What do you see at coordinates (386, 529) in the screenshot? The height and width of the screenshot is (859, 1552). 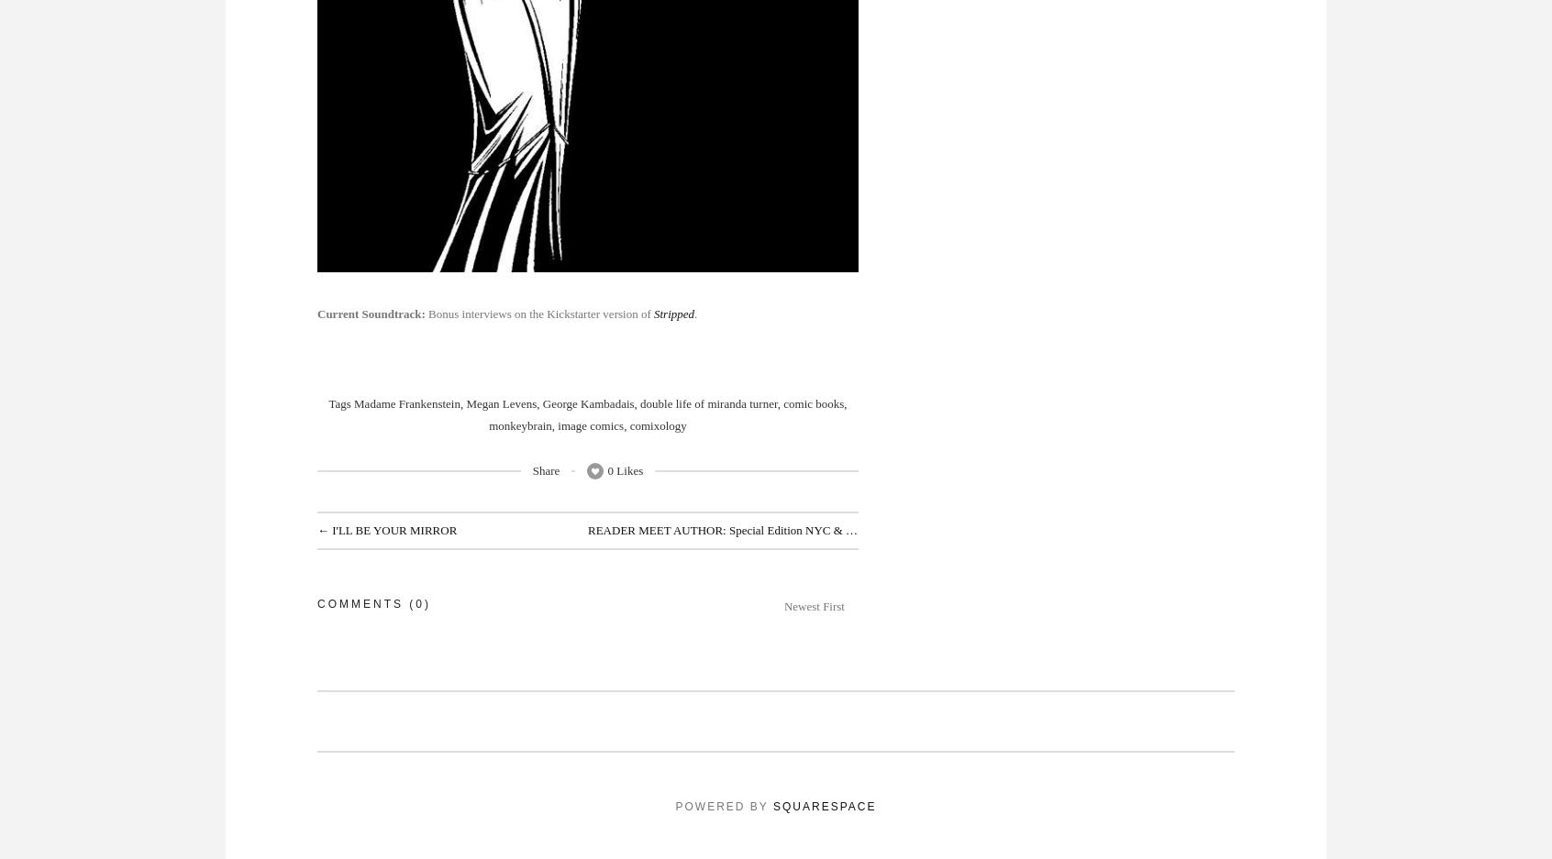 I see `'← I'LL BE YOUR MIRROR'` at bounding box center [386, 529].